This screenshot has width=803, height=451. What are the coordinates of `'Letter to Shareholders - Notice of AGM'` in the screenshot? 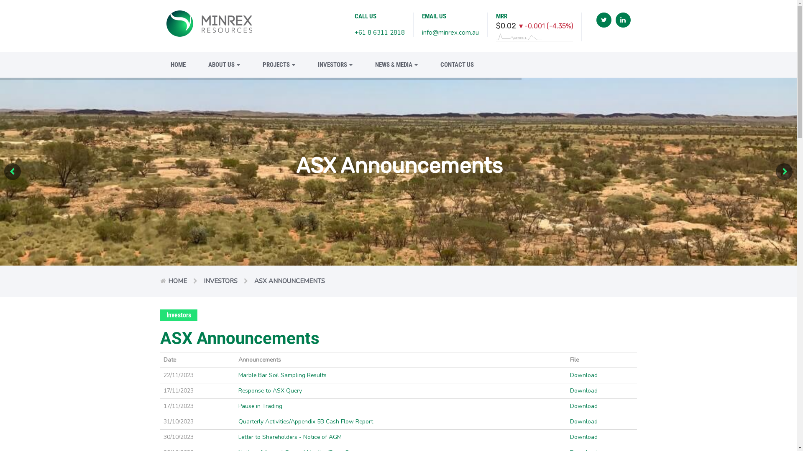 It's located at (290, 436).